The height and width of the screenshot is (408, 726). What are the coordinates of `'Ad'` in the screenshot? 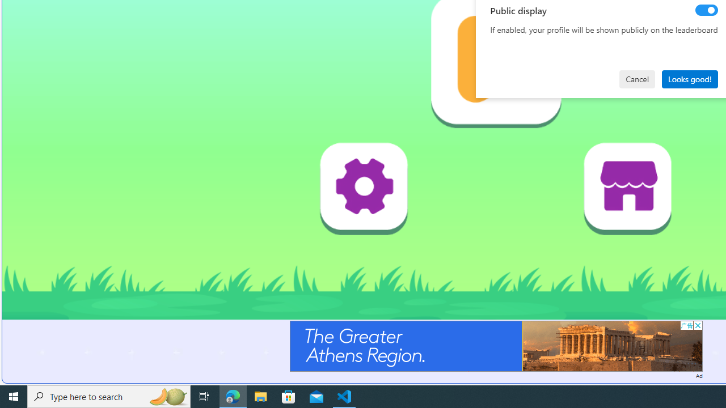 It's located at (698, 375).